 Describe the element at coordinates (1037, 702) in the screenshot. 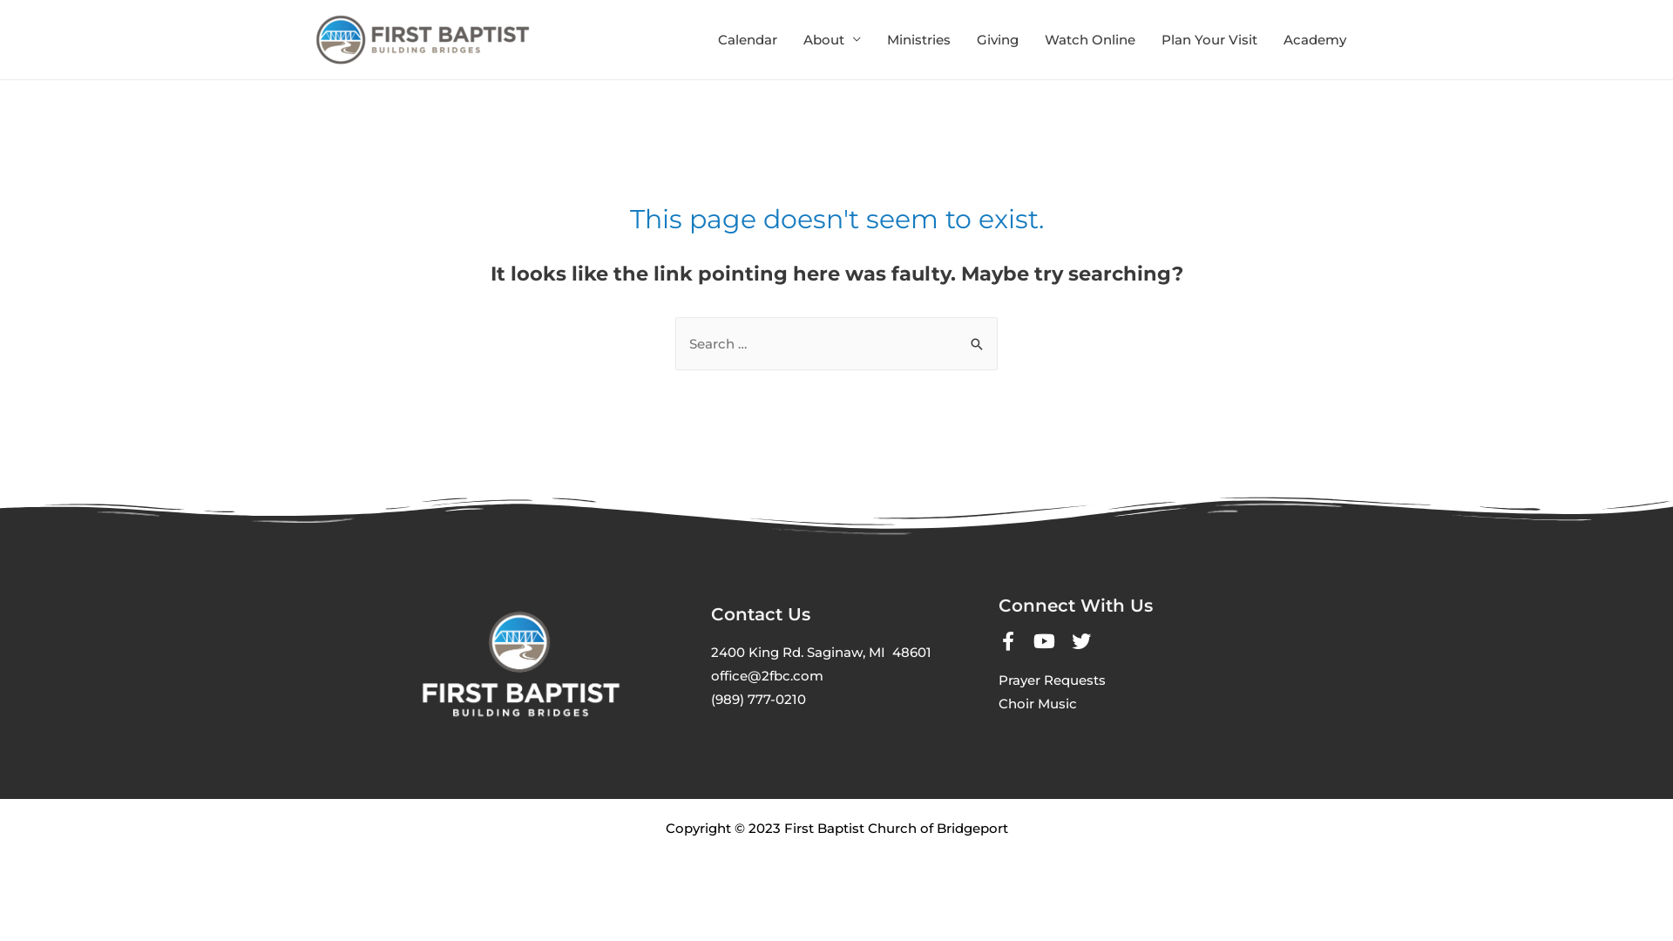

I see `'Choir Music'` at that location.